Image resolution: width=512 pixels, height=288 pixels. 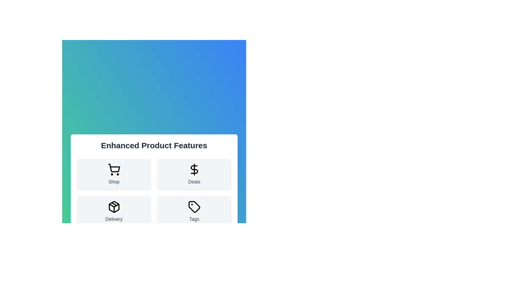 What do you see at coordinates (194, 182) in the screenshot?
I see `the text label displaying 'Deals' in light gray, positioned below the dollar sign icon in the second column of the grid layout` at bounding box center [194, 182].